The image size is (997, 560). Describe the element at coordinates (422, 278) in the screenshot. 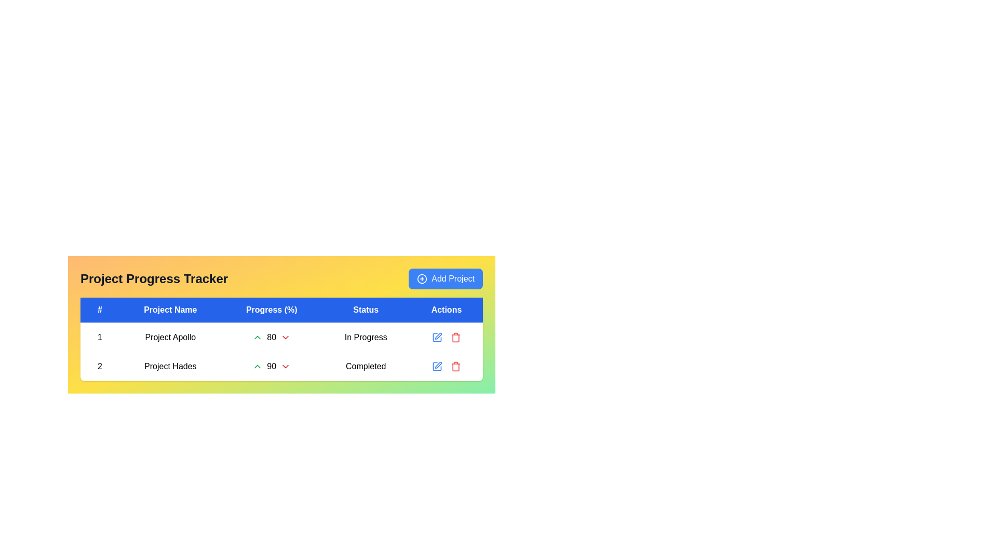

I see `the SVG icon located on the leftmost side of the 'Add Project' button to possibly see a tooltip` at that location.